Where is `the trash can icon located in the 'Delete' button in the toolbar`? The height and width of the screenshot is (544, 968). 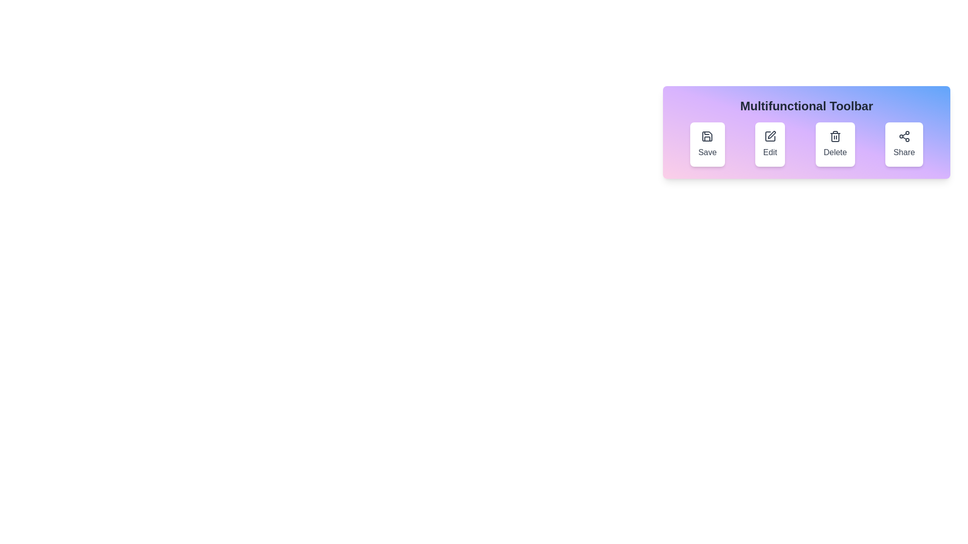 the trash can icon located in the 'Delete' button in the toolbar is located at coordinates (835, 136).